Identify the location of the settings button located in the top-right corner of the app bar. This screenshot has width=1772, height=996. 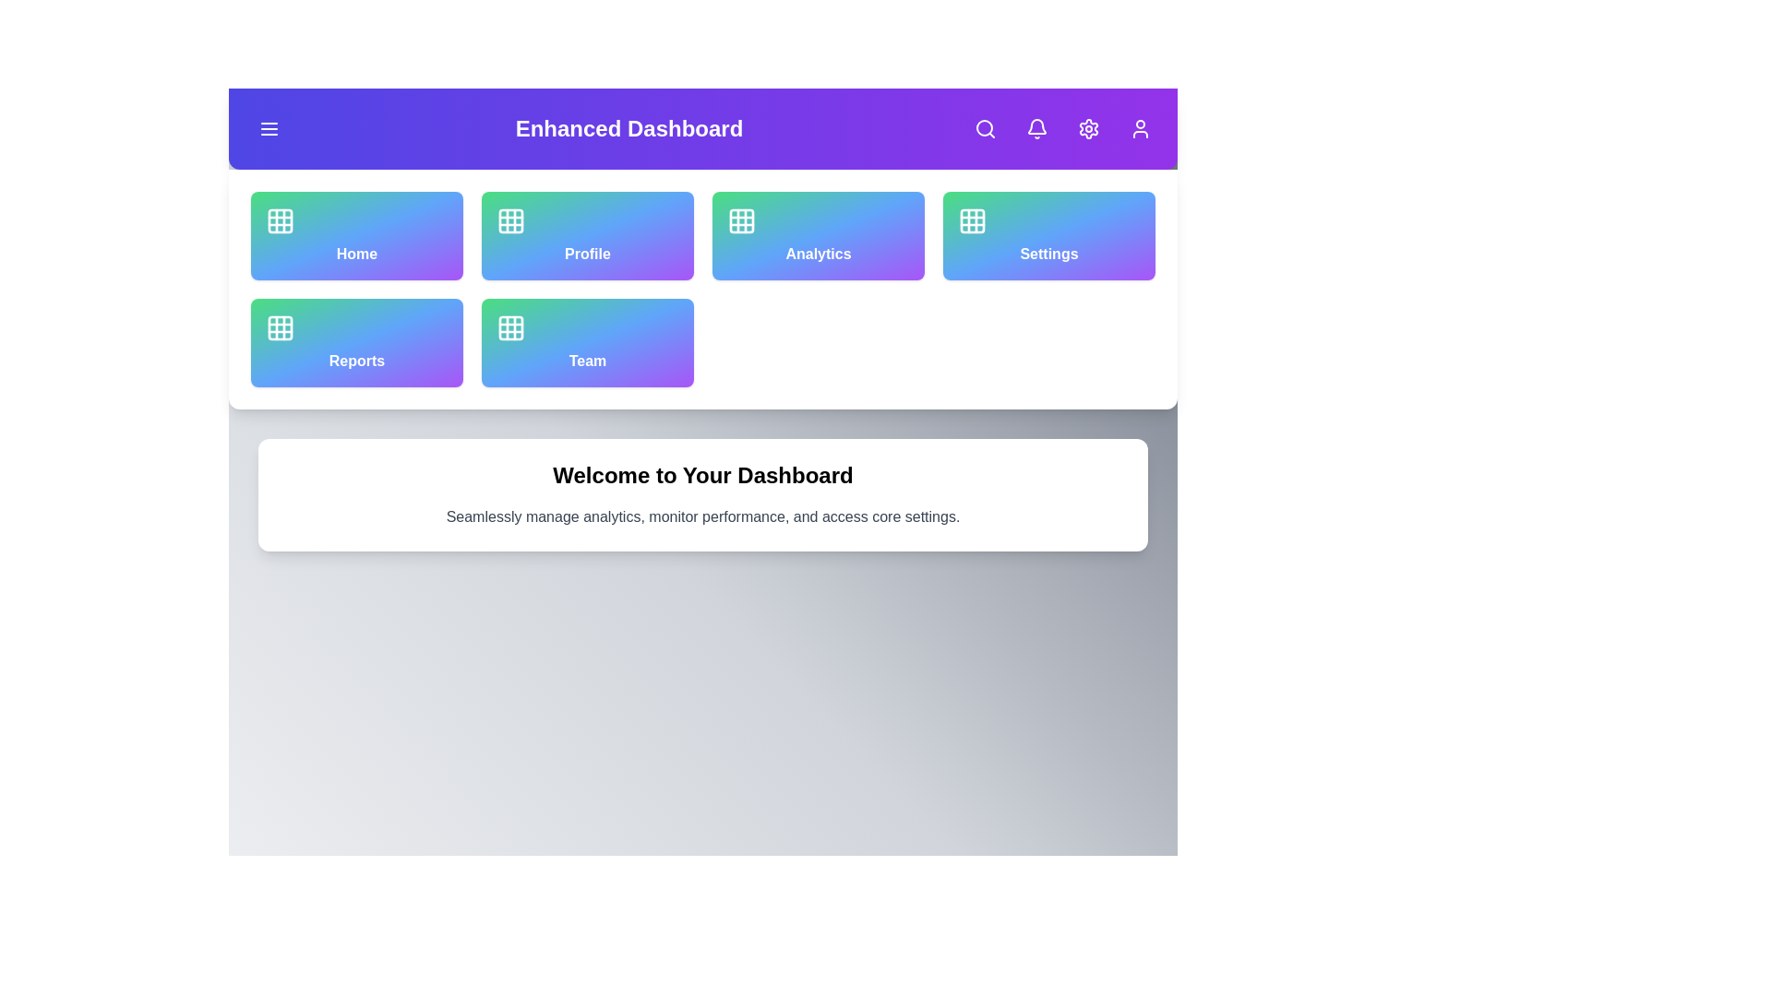
(1089, 127).